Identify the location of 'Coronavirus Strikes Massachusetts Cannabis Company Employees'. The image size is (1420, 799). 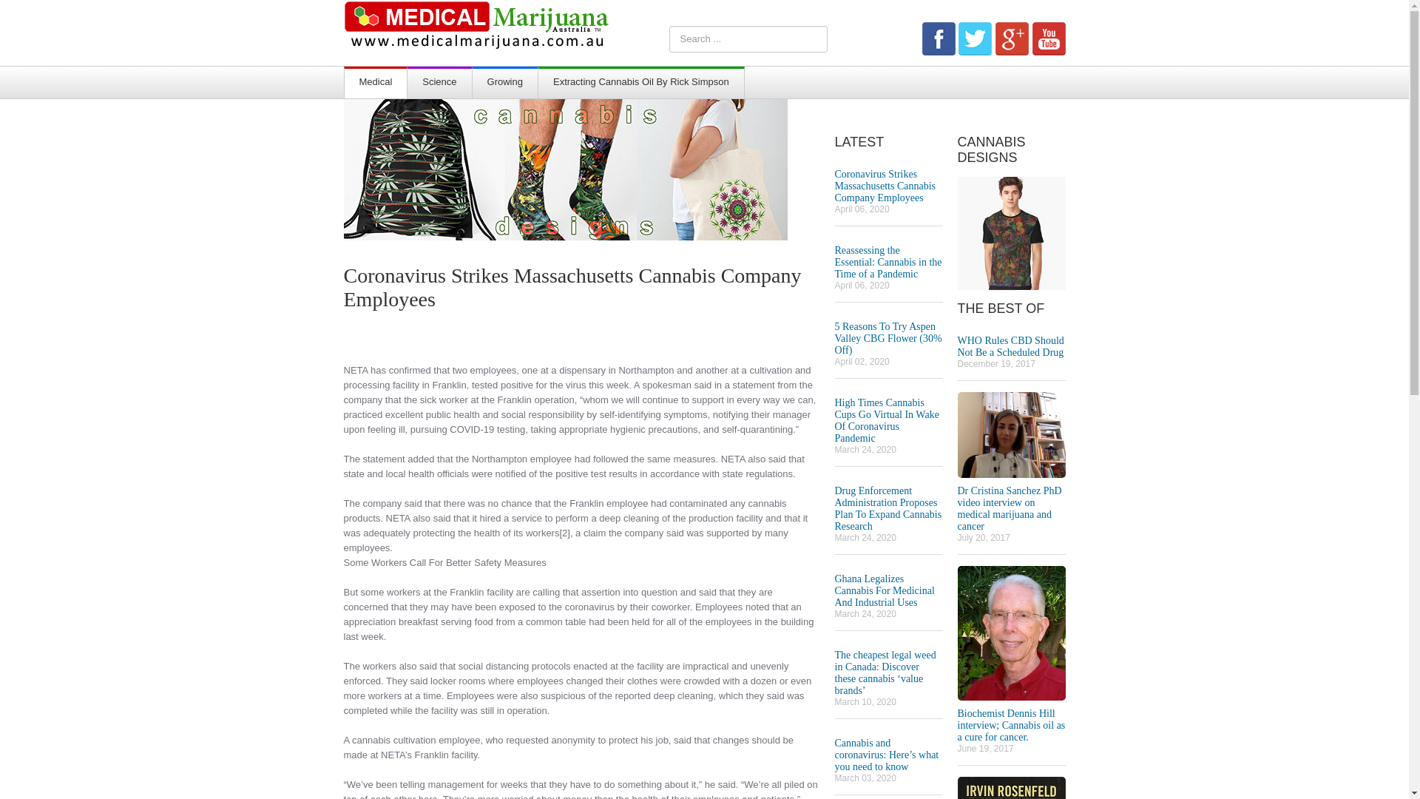
(884, 185).